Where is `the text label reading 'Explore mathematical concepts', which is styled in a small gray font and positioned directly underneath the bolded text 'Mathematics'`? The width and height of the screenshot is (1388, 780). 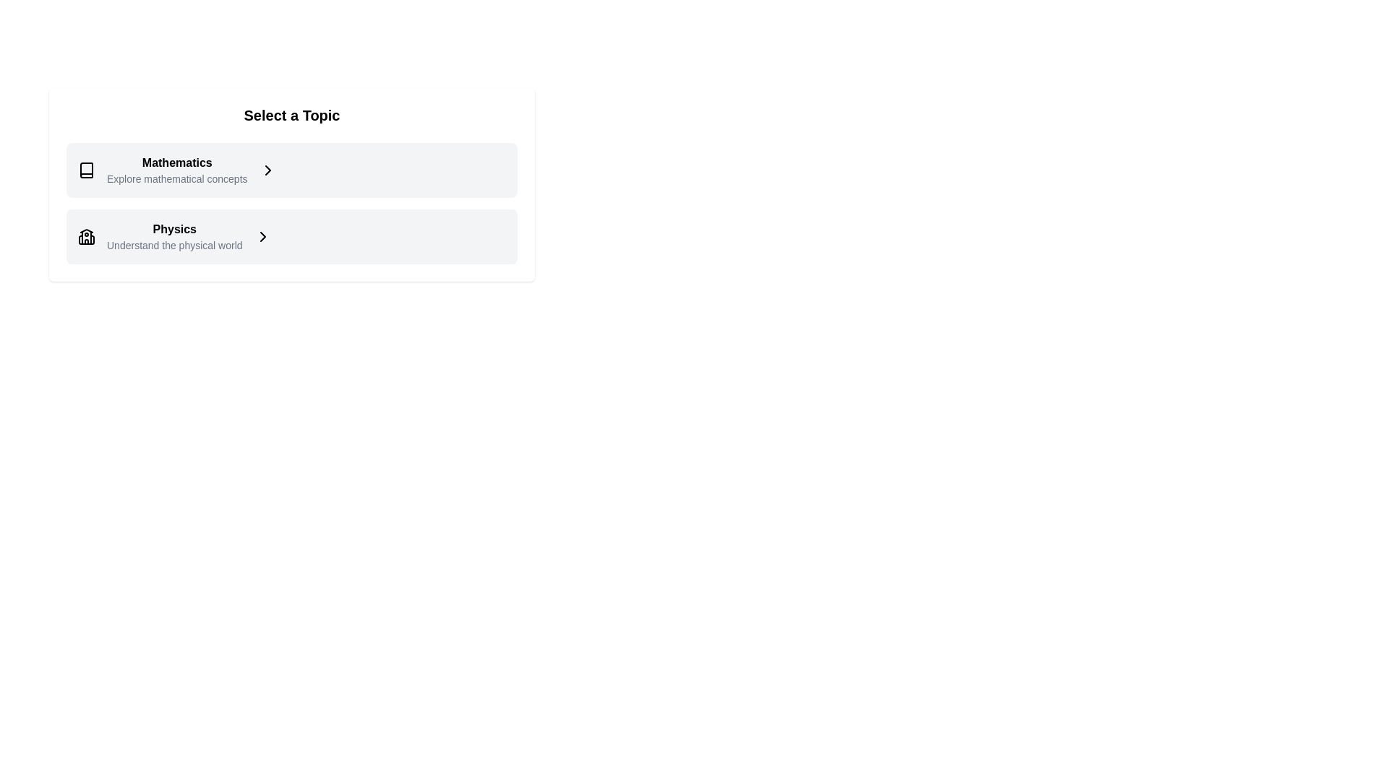 the text label reading 'Explore mathematical concepts', which is styled in a small gray font and positioned directly underneath the bolded text 'Mathematics' is located at coordinates (176, 178).